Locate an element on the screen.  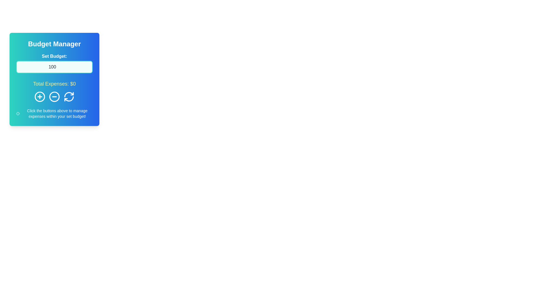
the circular button with a plus sign (+) inside, which is styled in white on a blue background is located at coordinates (40, 96).